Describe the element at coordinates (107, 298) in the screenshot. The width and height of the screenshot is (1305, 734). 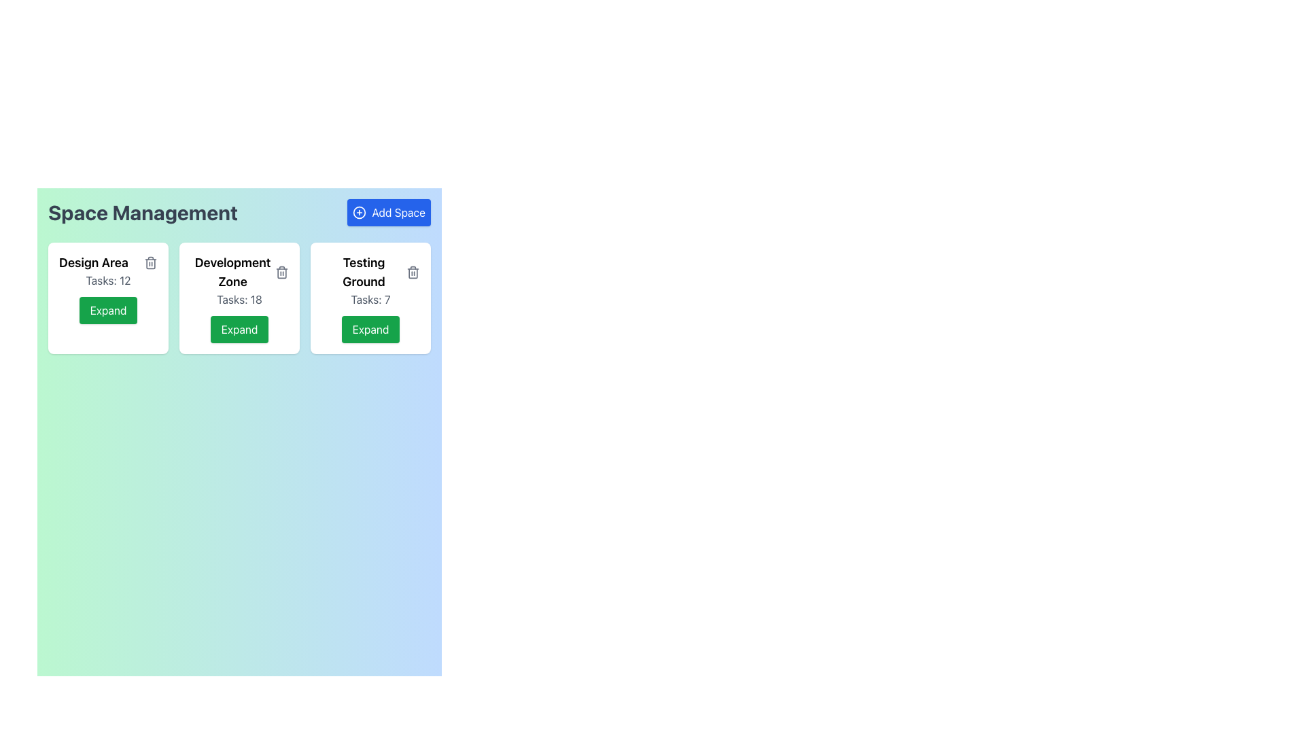
I see `the 'Expand' button located at the bottom of the 'Design Area' card` at that location.